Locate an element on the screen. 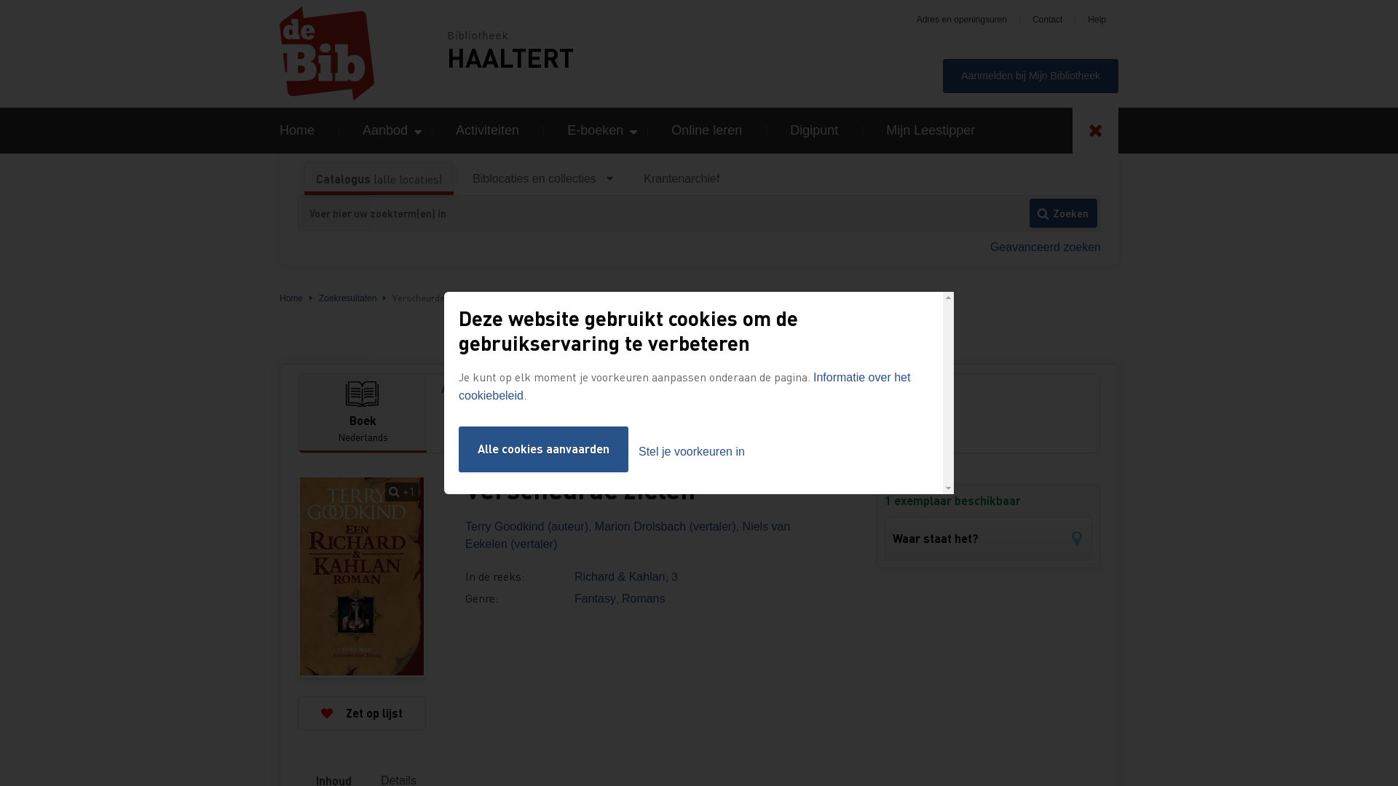 Image resolution: width=1398 pixels, height=786 pixels. 'E-boek' is located at coordinates (467, 424).